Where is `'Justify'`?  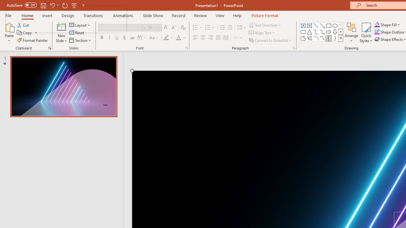 'Justify' is located at coordinates (218, 38).